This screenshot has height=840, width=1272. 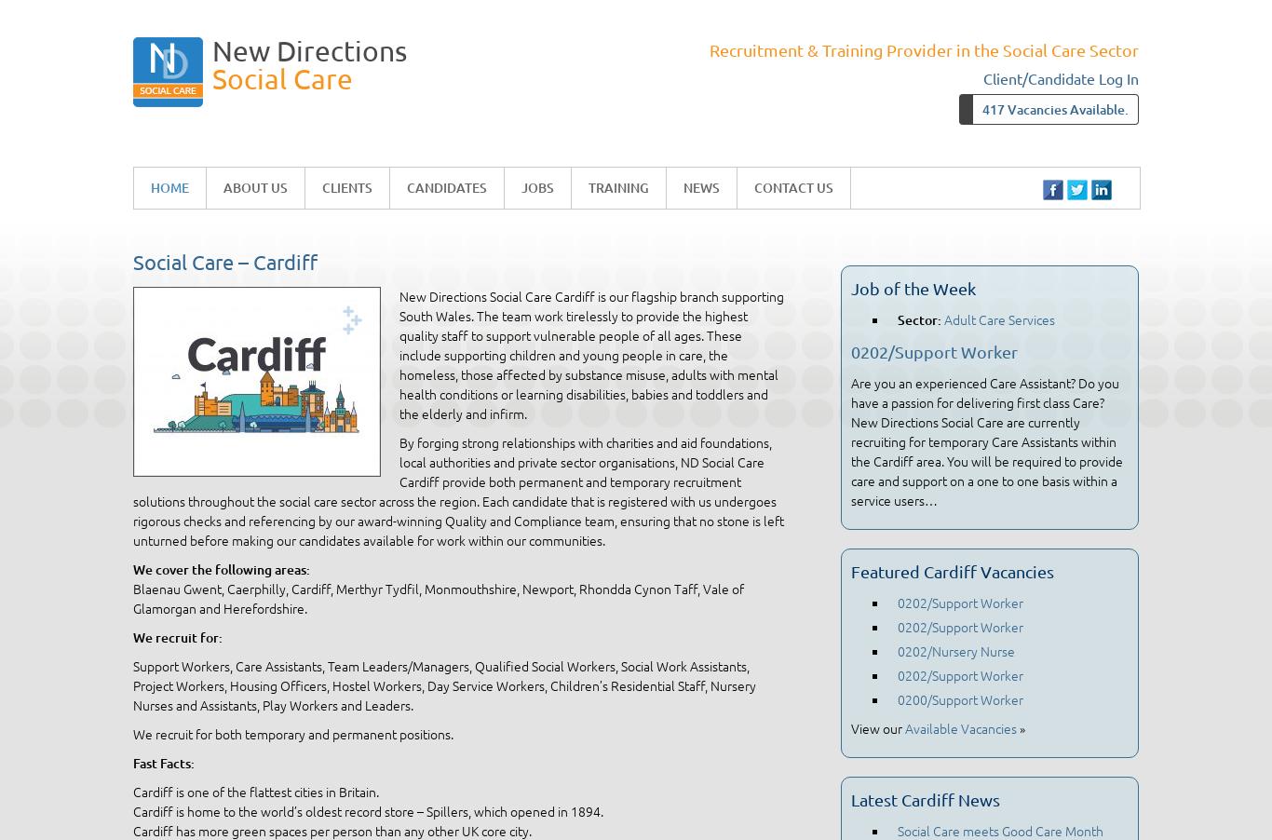 What do you see at coordinates (926, 799) in the screenshot?
I see `'Latest Cardiff News'` at bounding box center [926, 799].